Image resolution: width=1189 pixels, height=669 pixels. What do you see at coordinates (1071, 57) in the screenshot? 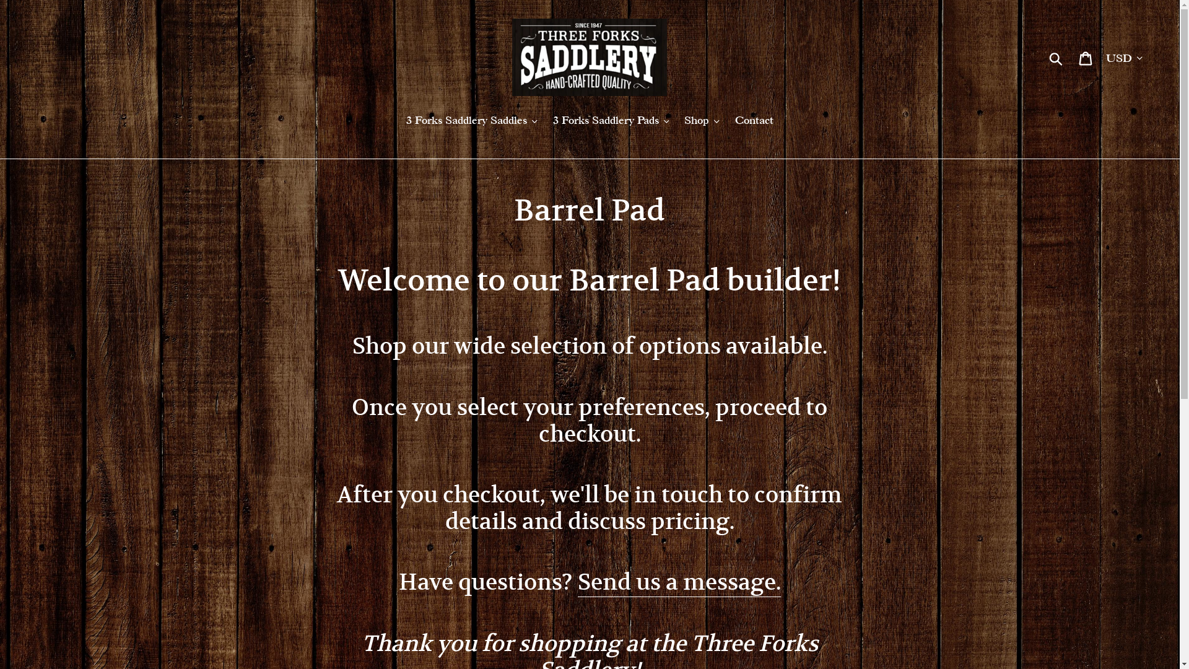
I see `'Cart'` at bounding box center [1071, 57].